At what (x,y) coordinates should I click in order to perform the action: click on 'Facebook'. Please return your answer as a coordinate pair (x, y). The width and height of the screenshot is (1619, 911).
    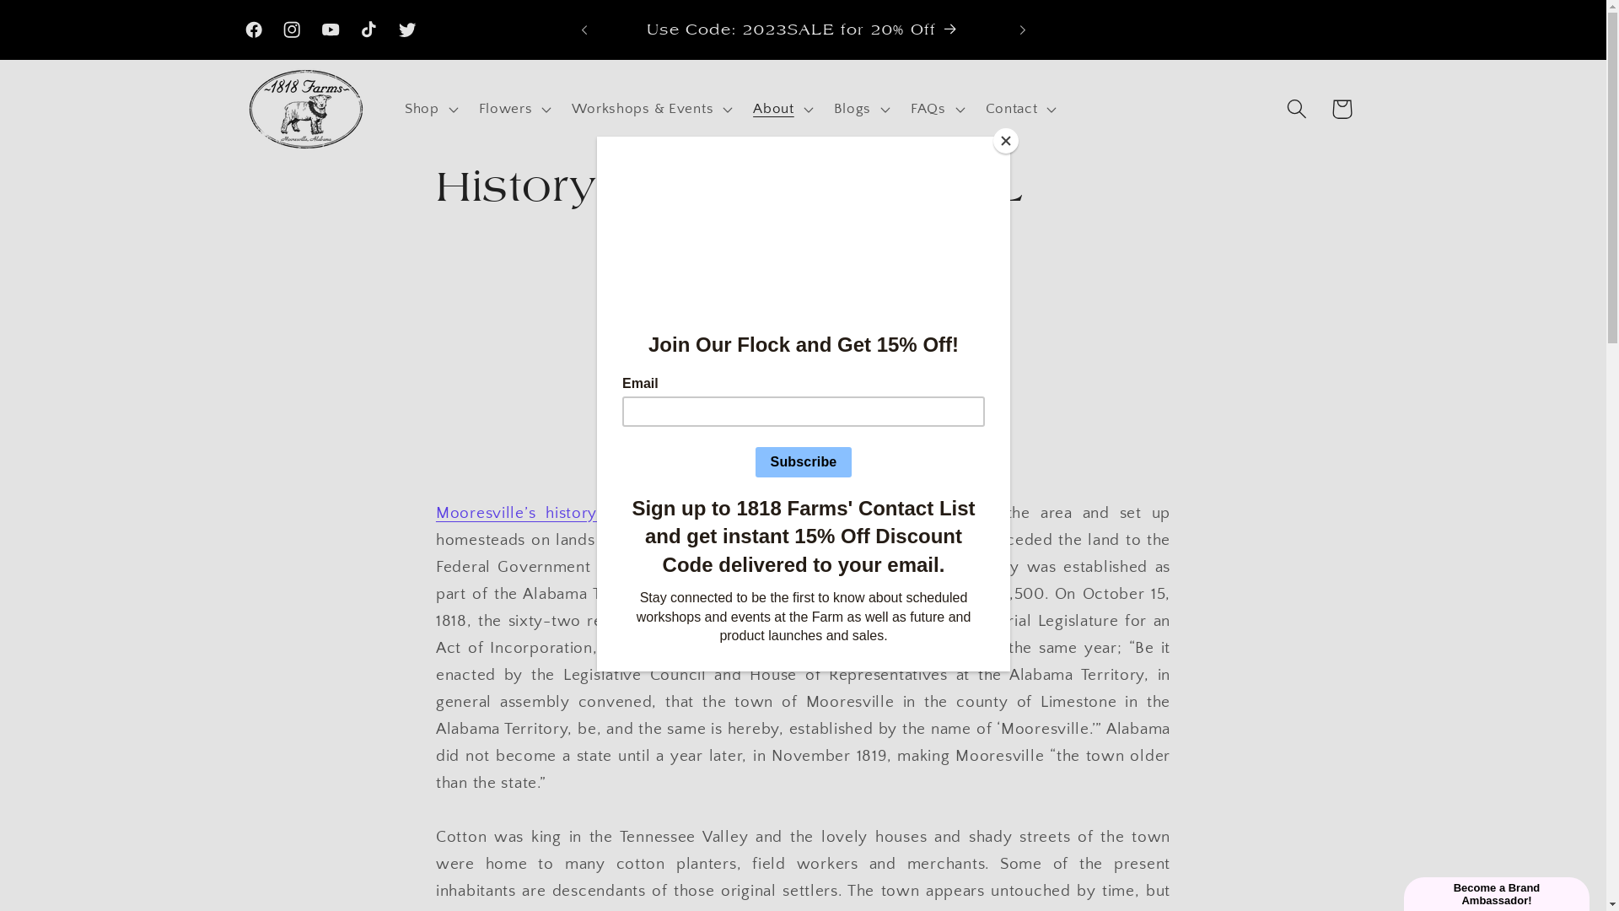
    Looking at the image, I should click on (253, 30).